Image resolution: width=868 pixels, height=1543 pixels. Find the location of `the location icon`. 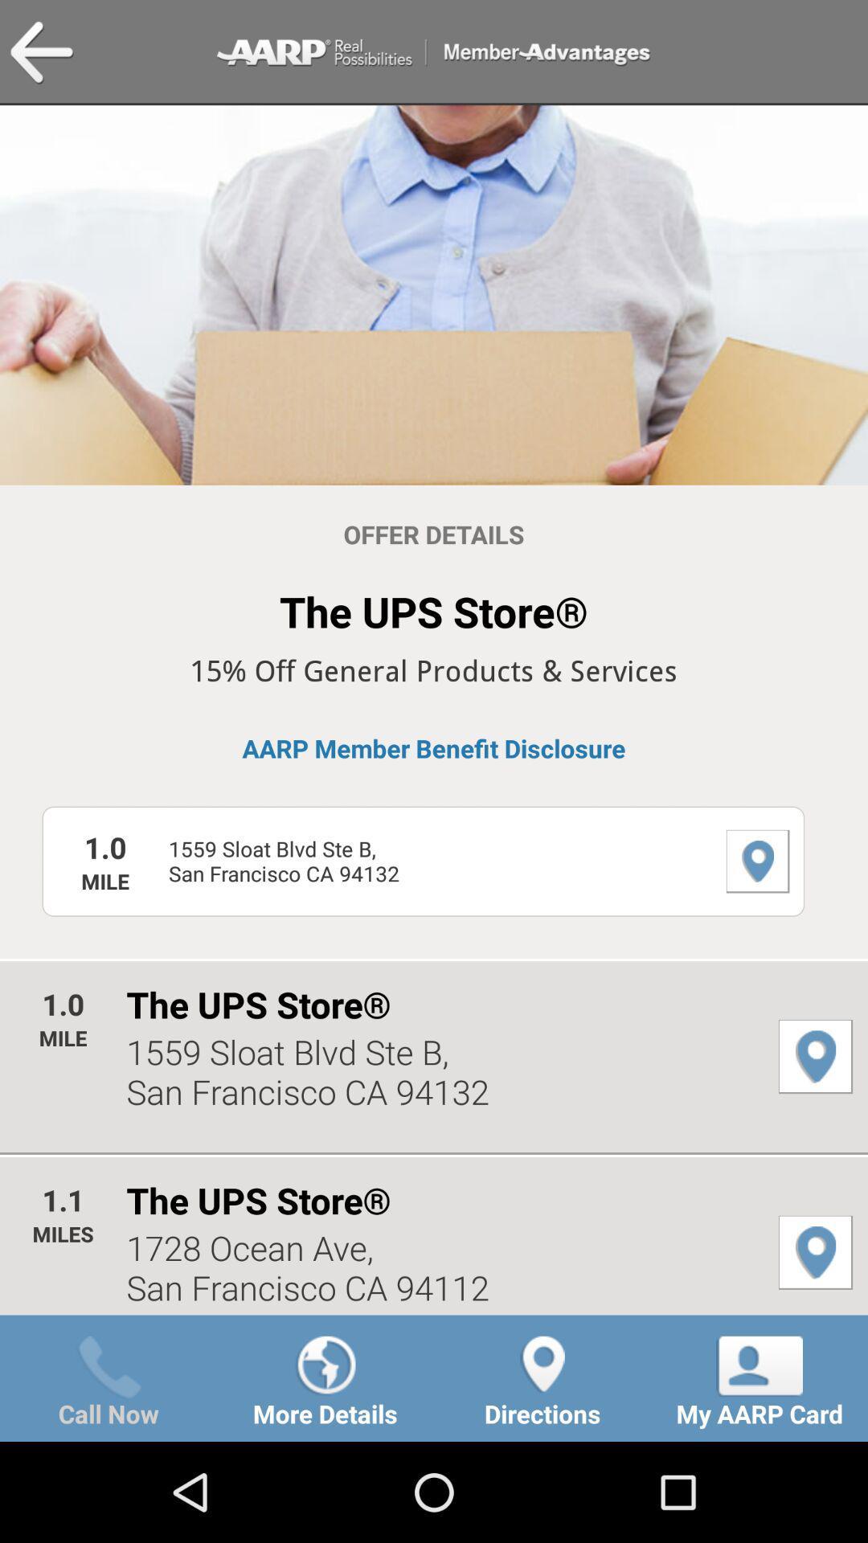

the location icon is located at coordinates (758, 922).